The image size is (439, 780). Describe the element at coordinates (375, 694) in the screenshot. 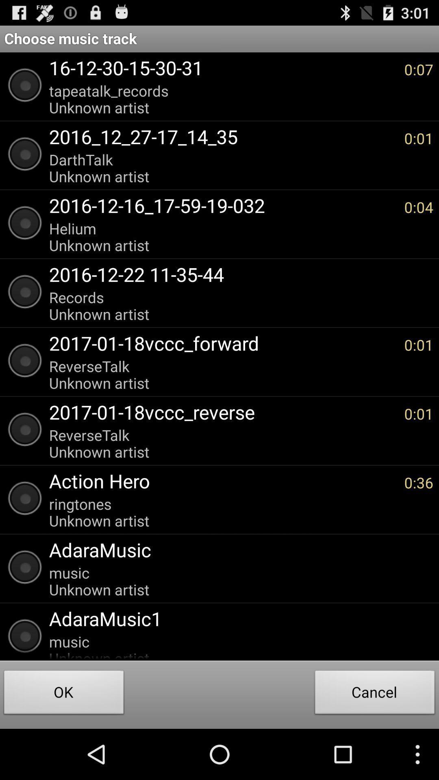

I see `the cancel item` at that location.